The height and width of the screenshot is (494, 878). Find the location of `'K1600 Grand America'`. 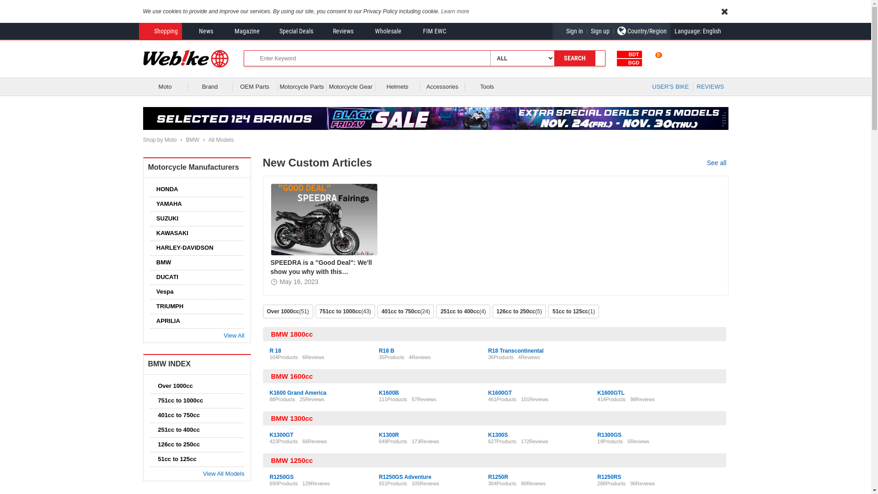

'K1600 Grand America' is located at coordinates (298, 392).